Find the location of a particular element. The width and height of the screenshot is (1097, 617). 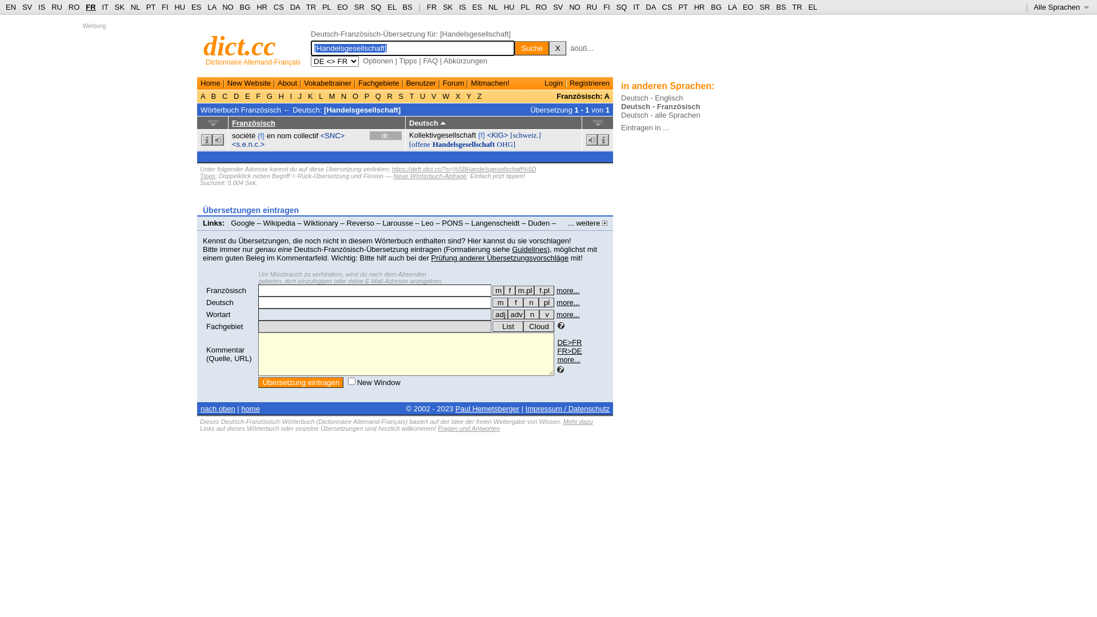

'A' is located at coordinates (200, 95).